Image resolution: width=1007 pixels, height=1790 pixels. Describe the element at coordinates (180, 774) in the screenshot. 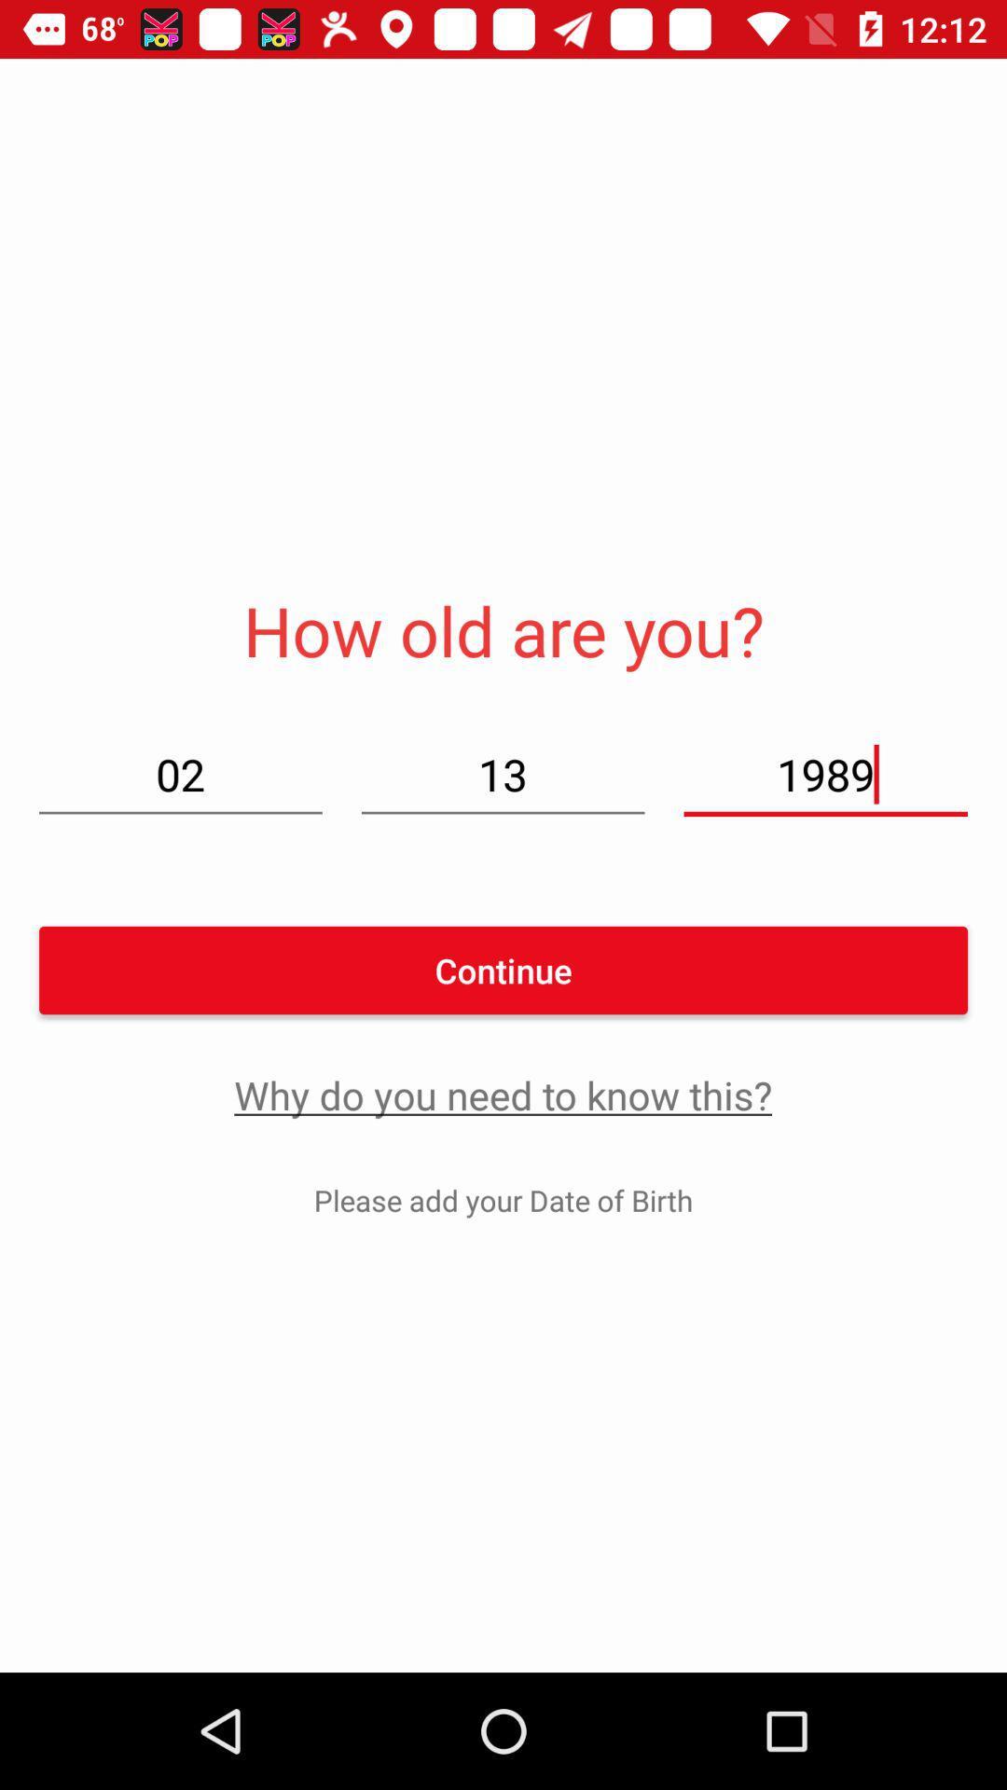

I see `item to the left of the 13` at that location.